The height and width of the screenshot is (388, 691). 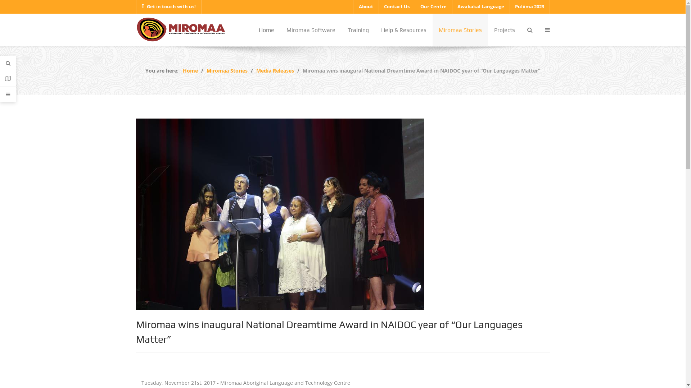 I want to click on 'Projects', so click(x=504, y=29).